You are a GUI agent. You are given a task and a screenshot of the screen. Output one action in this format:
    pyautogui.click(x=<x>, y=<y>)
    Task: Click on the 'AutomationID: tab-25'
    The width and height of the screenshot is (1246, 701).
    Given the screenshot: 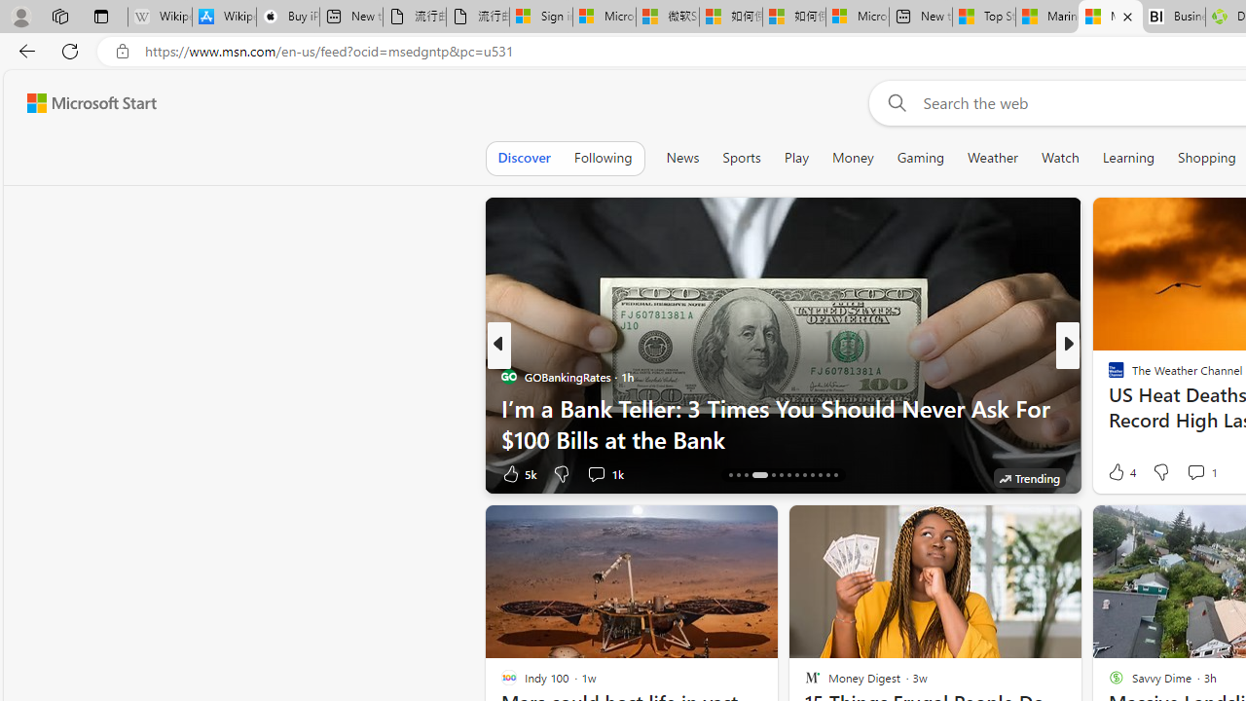 What is the action you would take?
    pyautogui.click(x=827, y=475)
    